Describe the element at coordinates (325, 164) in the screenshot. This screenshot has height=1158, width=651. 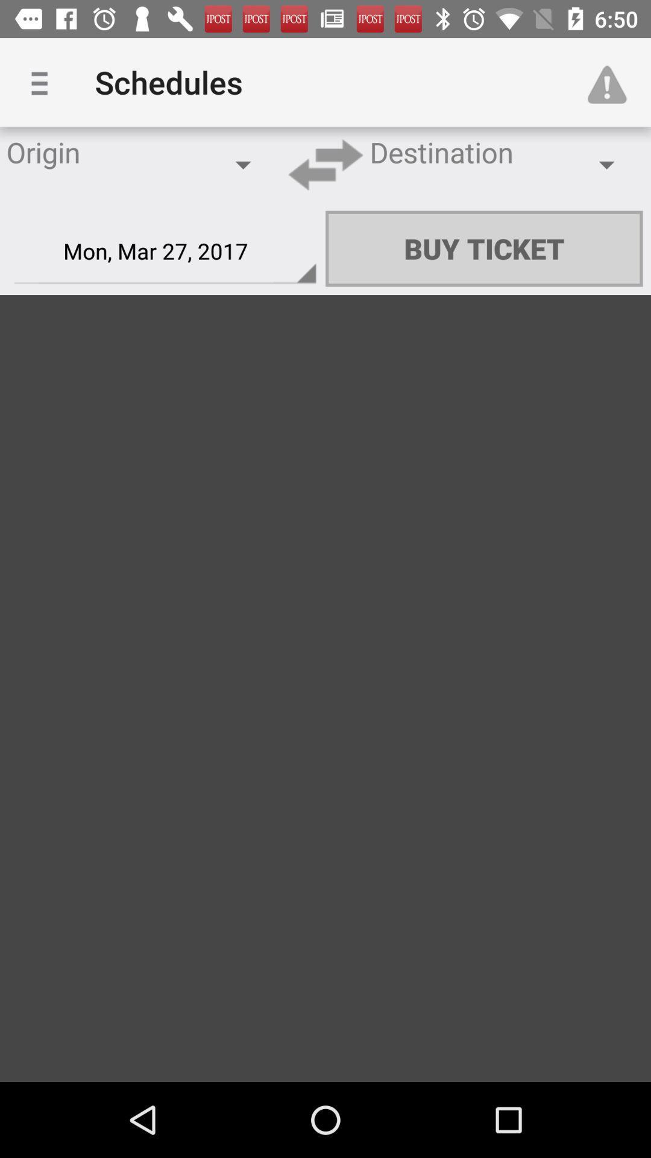
I see `icon to the left of the destination item` at that location.